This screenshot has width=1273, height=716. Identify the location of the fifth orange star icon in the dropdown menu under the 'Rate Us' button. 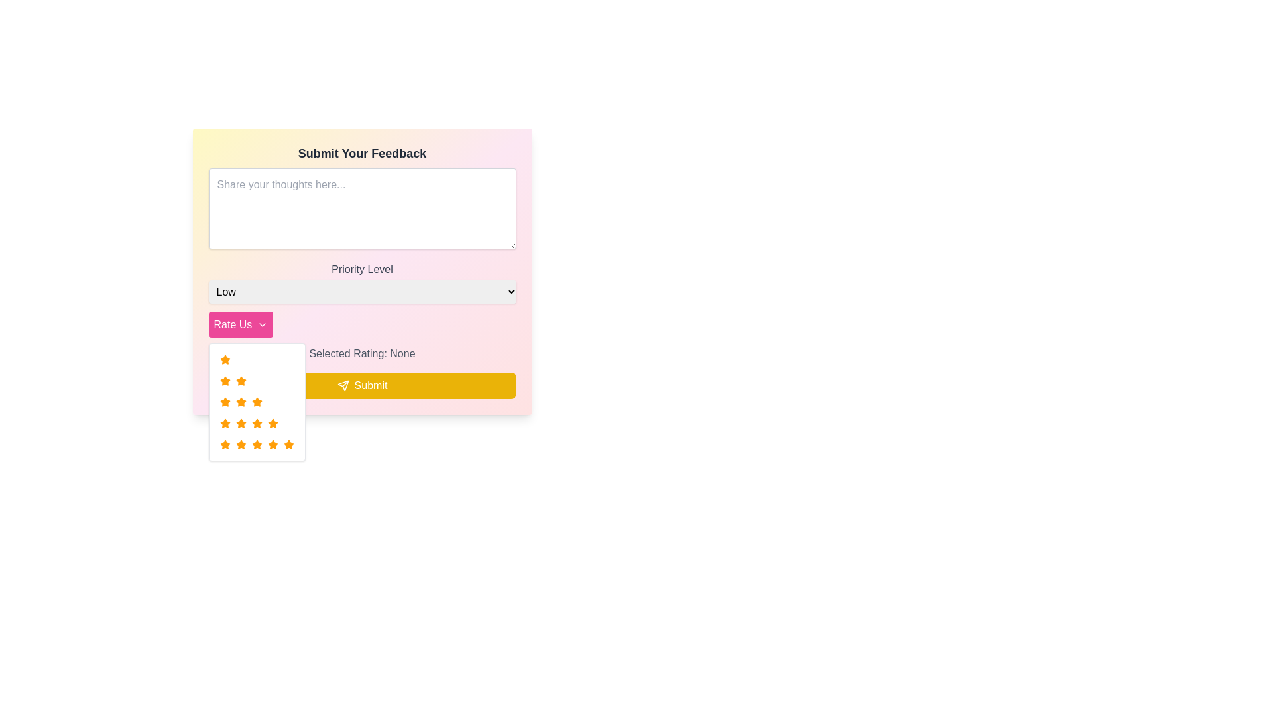
(257, 445).